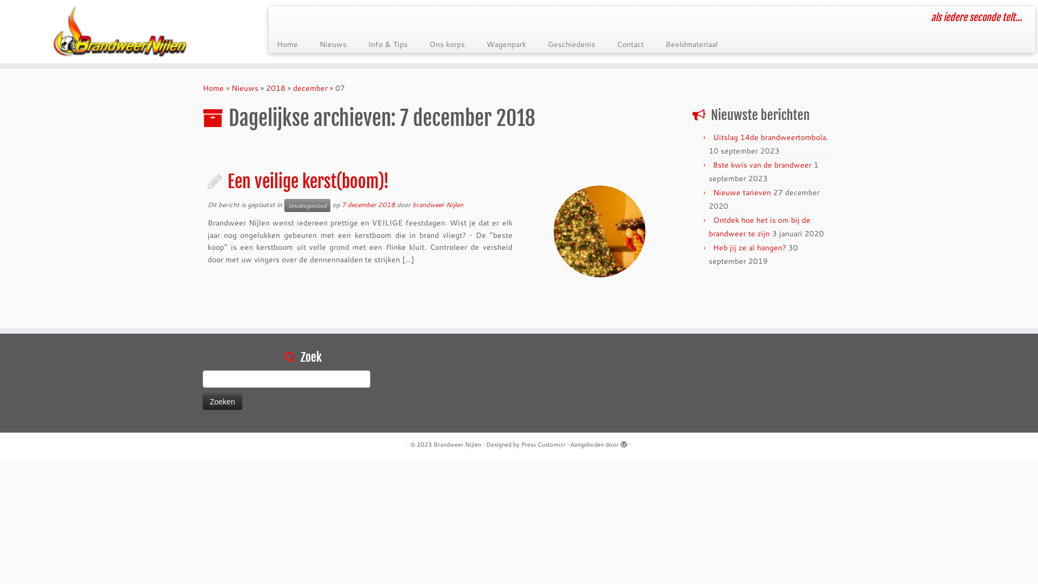 The height and width of the screenshot is (584, 1038). Describe the element at coordinates (598, 231) in the screenshot. I see `'Een veilige kerst(boom)!'` at that location.